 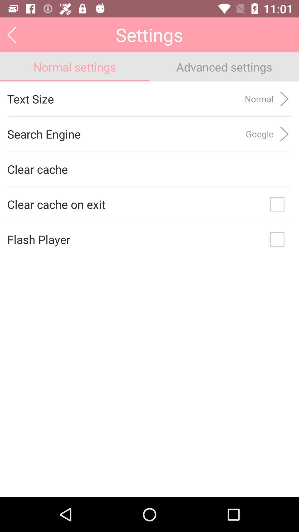 I want to click on the icon next to the clear cache on item, so click(x=277, y=204).